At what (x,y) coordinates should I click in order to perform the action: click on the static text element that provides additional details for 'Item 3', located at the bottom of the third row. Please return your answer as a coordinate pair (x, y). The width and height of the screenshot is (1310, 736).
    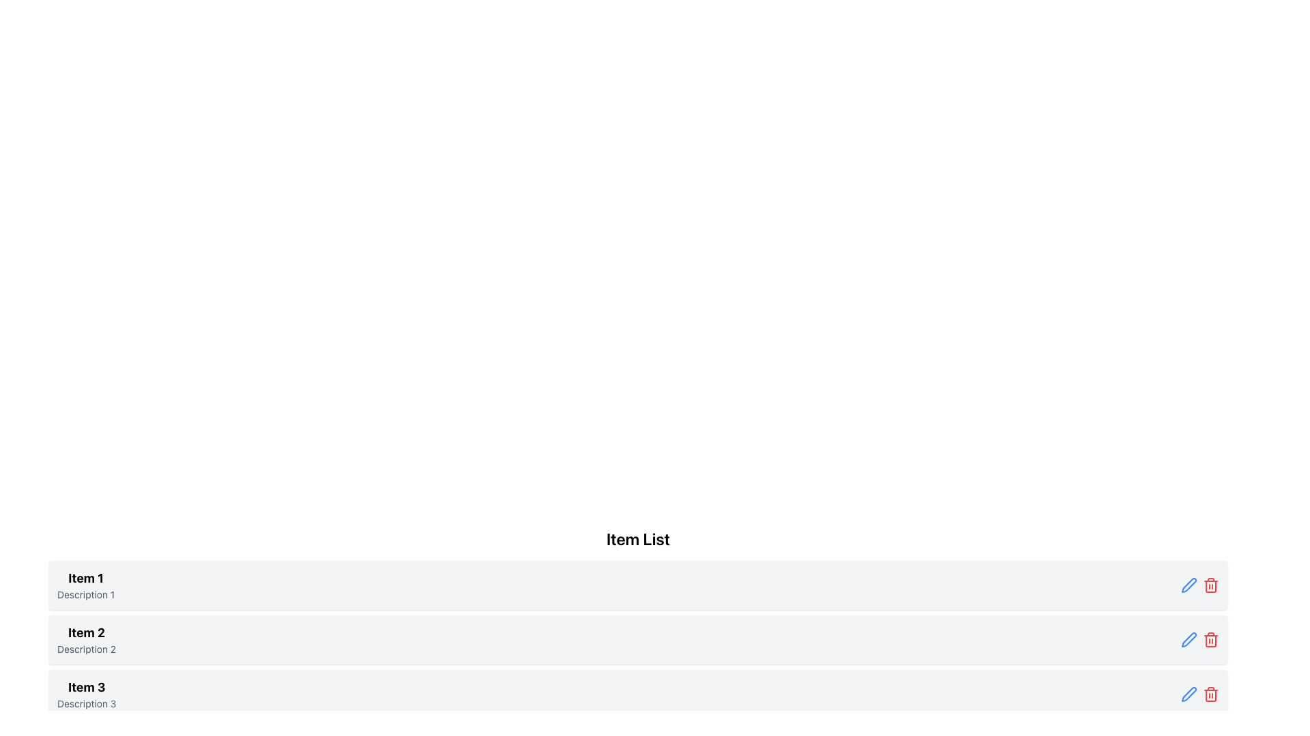
    Looking at the image, I should click on (86, 704).